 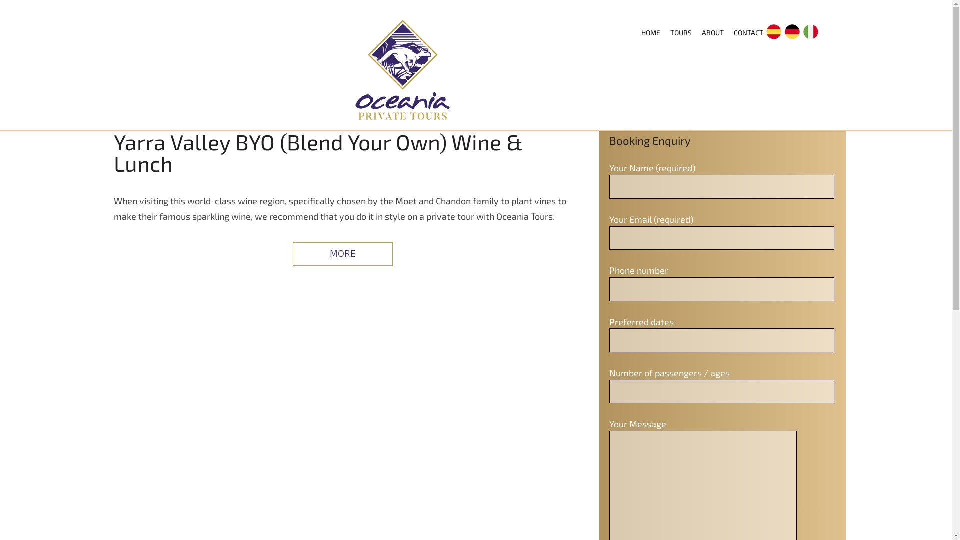 What do you see at coordinates (743, 32) in the screenshot?
I see `'CONTACT'` at bounding box center [743, 32].